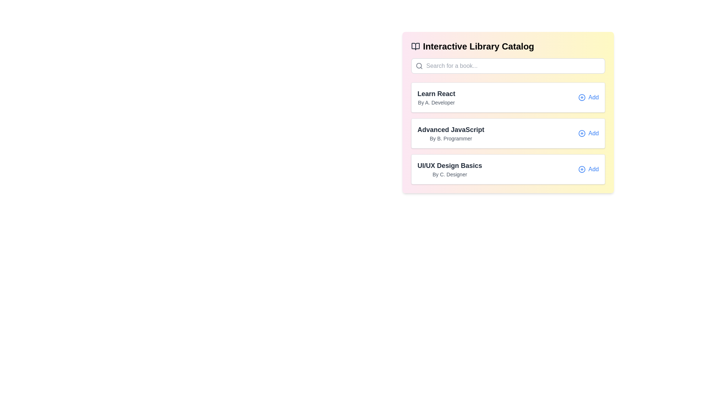  What do you see at coordinates (419, 65) in the screenshot?
I see `the central filled circle of the magnifying glass icon located to the left of the 'Search for a book...' input field` at bounding box center [419, 65].